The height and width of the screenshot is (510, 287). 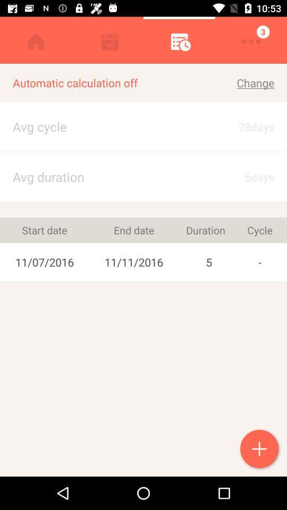 What do you see at coordinates (260, 449) in the screenshot?
I see `new record` at bounding box center [260, 449].